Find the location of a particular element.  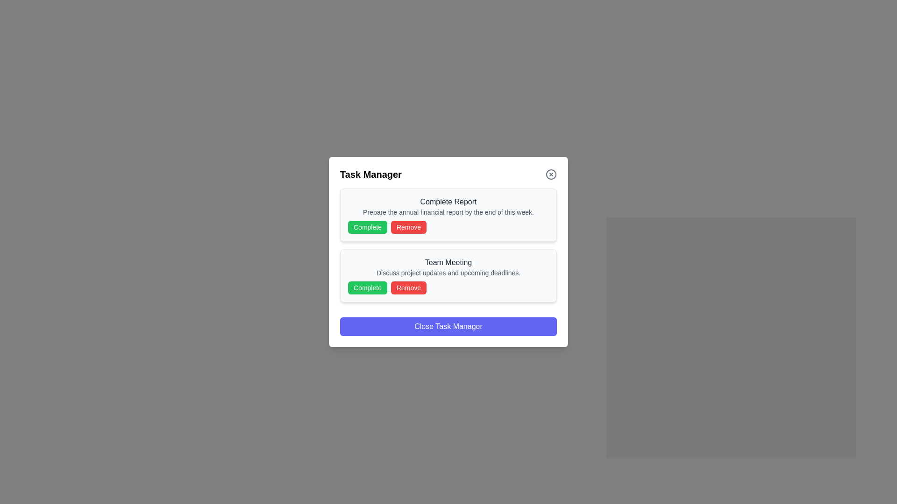

the wide, rectangular, indigo button with rounded corners labeled 'Close Task Manager' is located at coordinates (448, 326).